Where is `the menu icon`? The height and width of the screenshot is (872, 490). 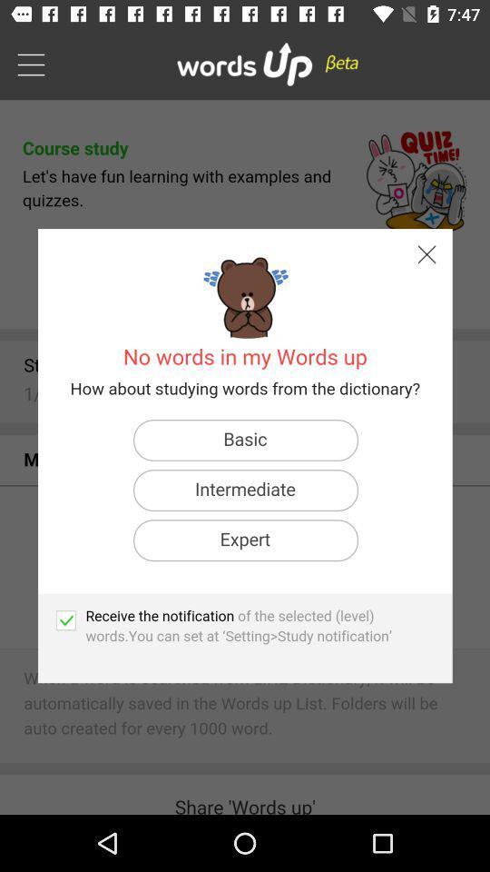
the menu icon is located at coordinates (30, 64).